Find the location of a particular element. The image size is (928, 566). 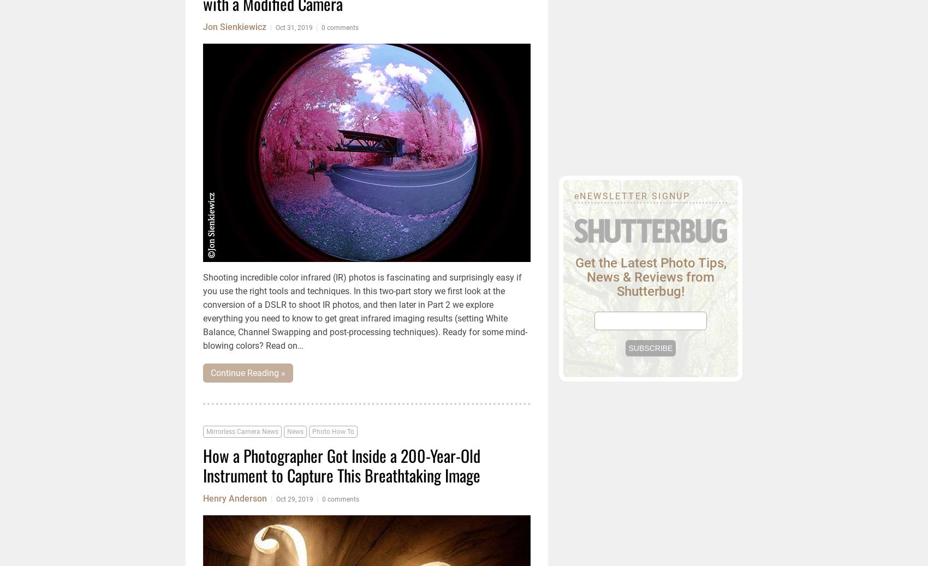

'Oct 31, 2019' is located at coordinates (276, 27).